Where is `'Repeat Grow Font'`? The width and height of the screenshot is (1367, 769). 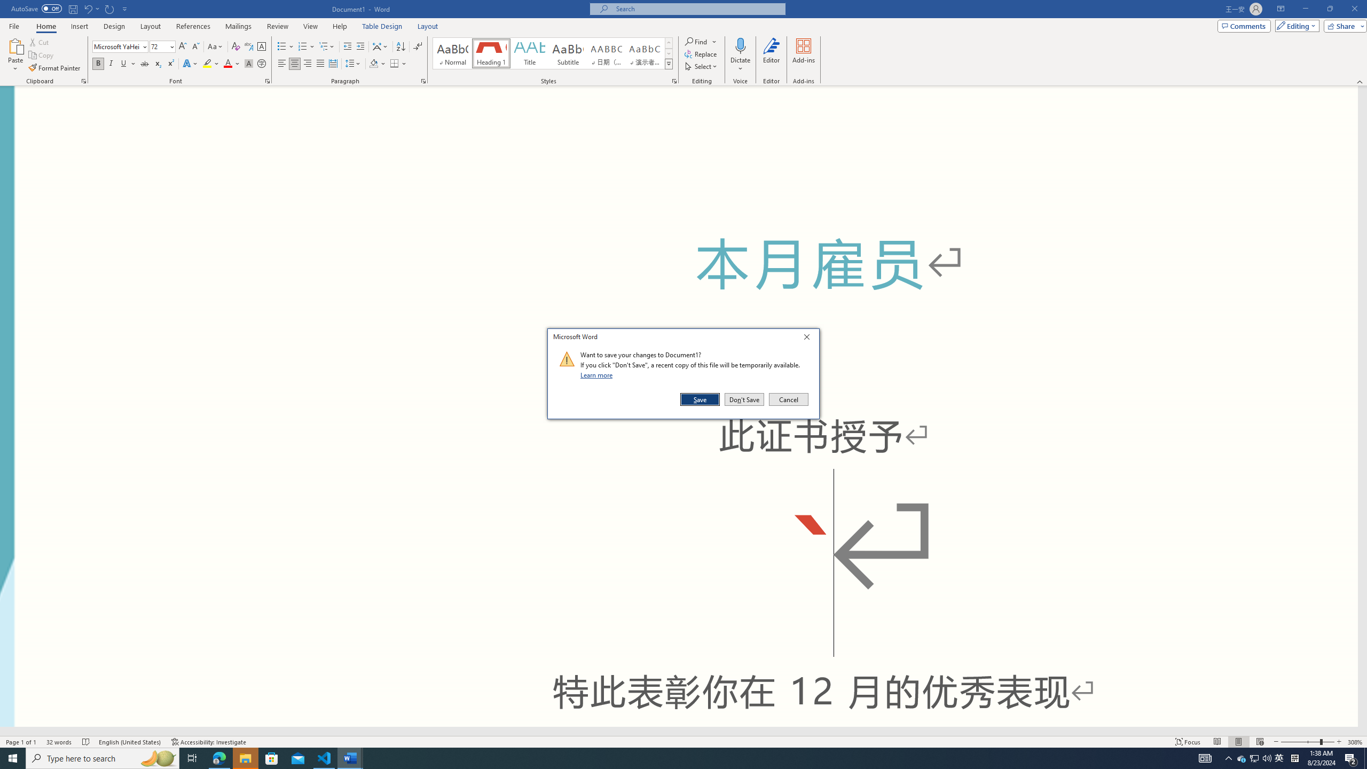
'Repeat Grow Font' is located at coordinates (109, 8).